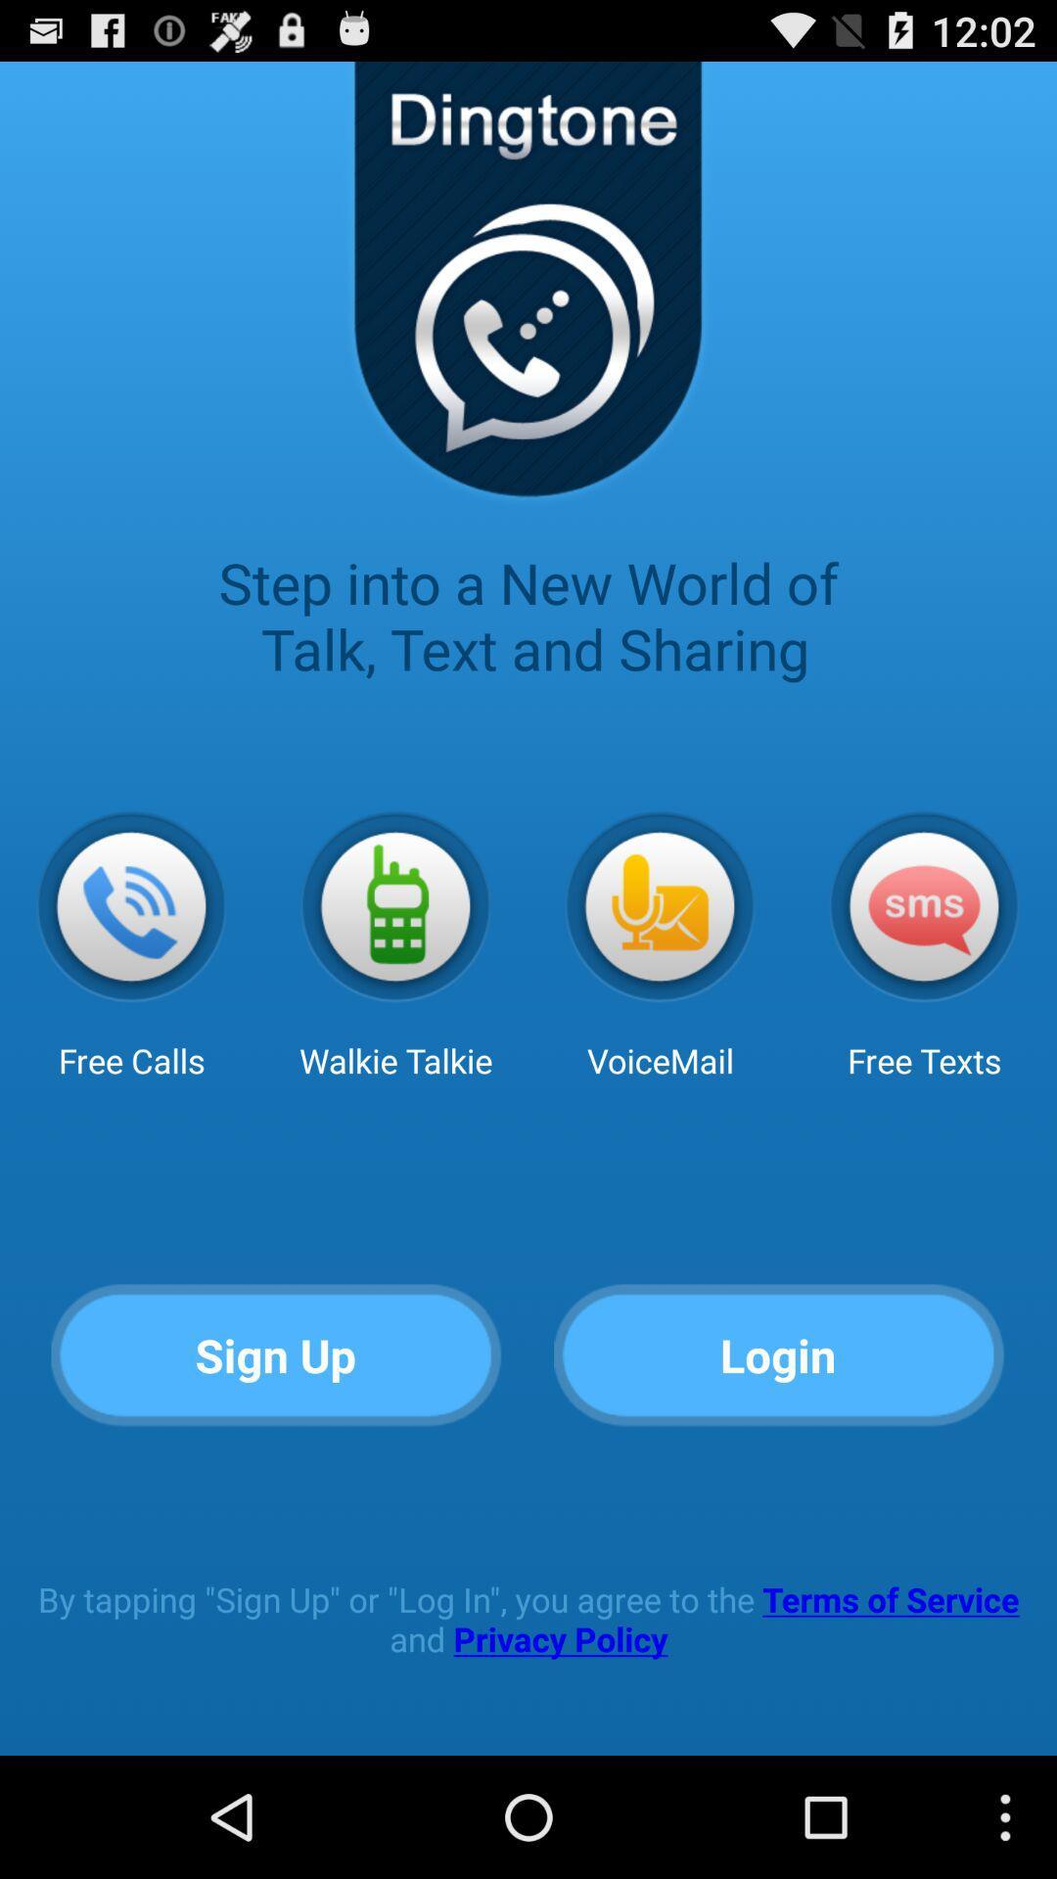  Describe the element at coordinates (778, 1355) in the screenshot. I see `login` at that location.